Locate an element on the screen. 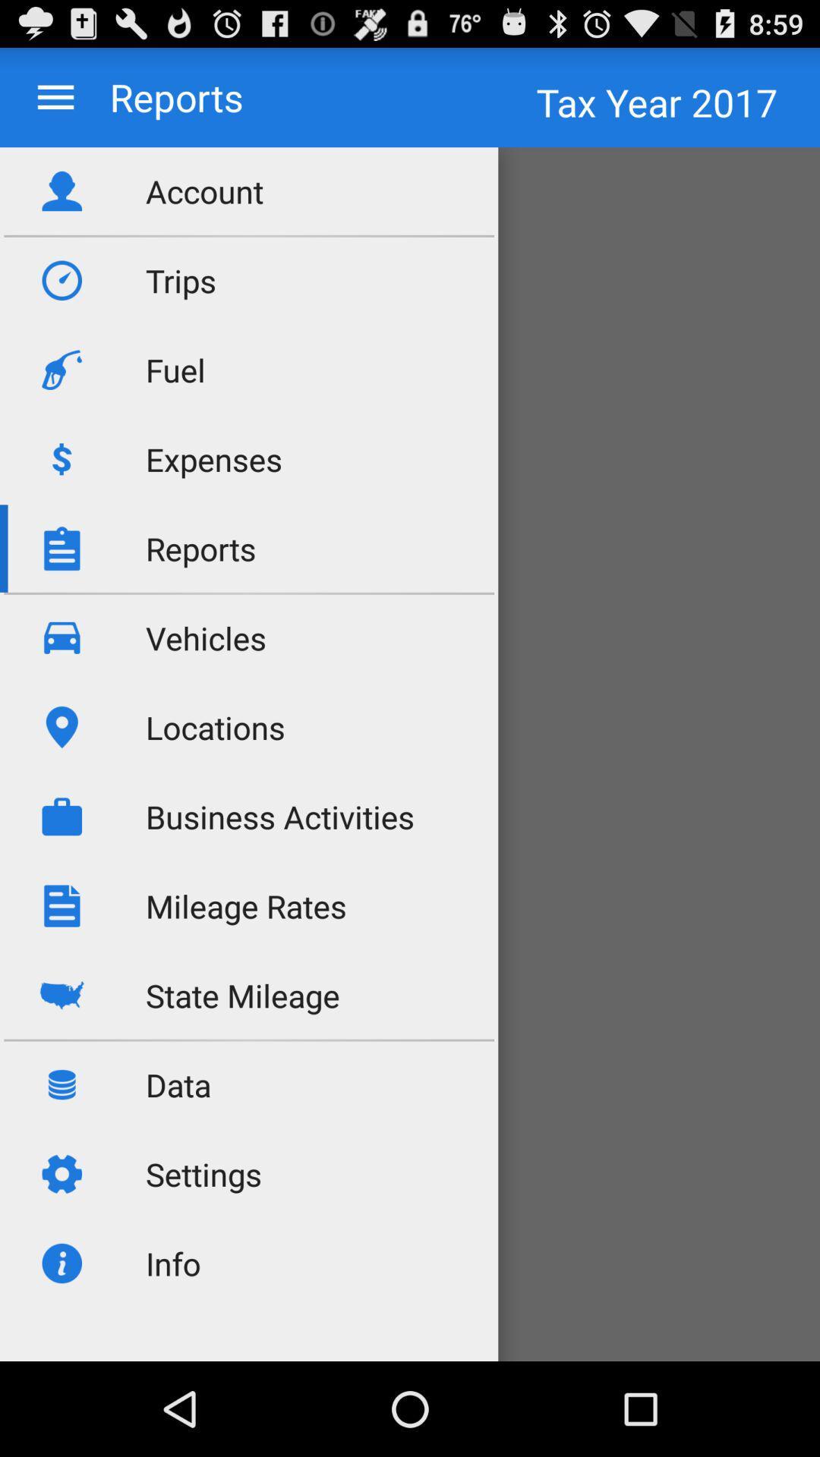 The width and height of the screenshot is (820, 1457). the icon at the center is located at coordinates (280, 816).